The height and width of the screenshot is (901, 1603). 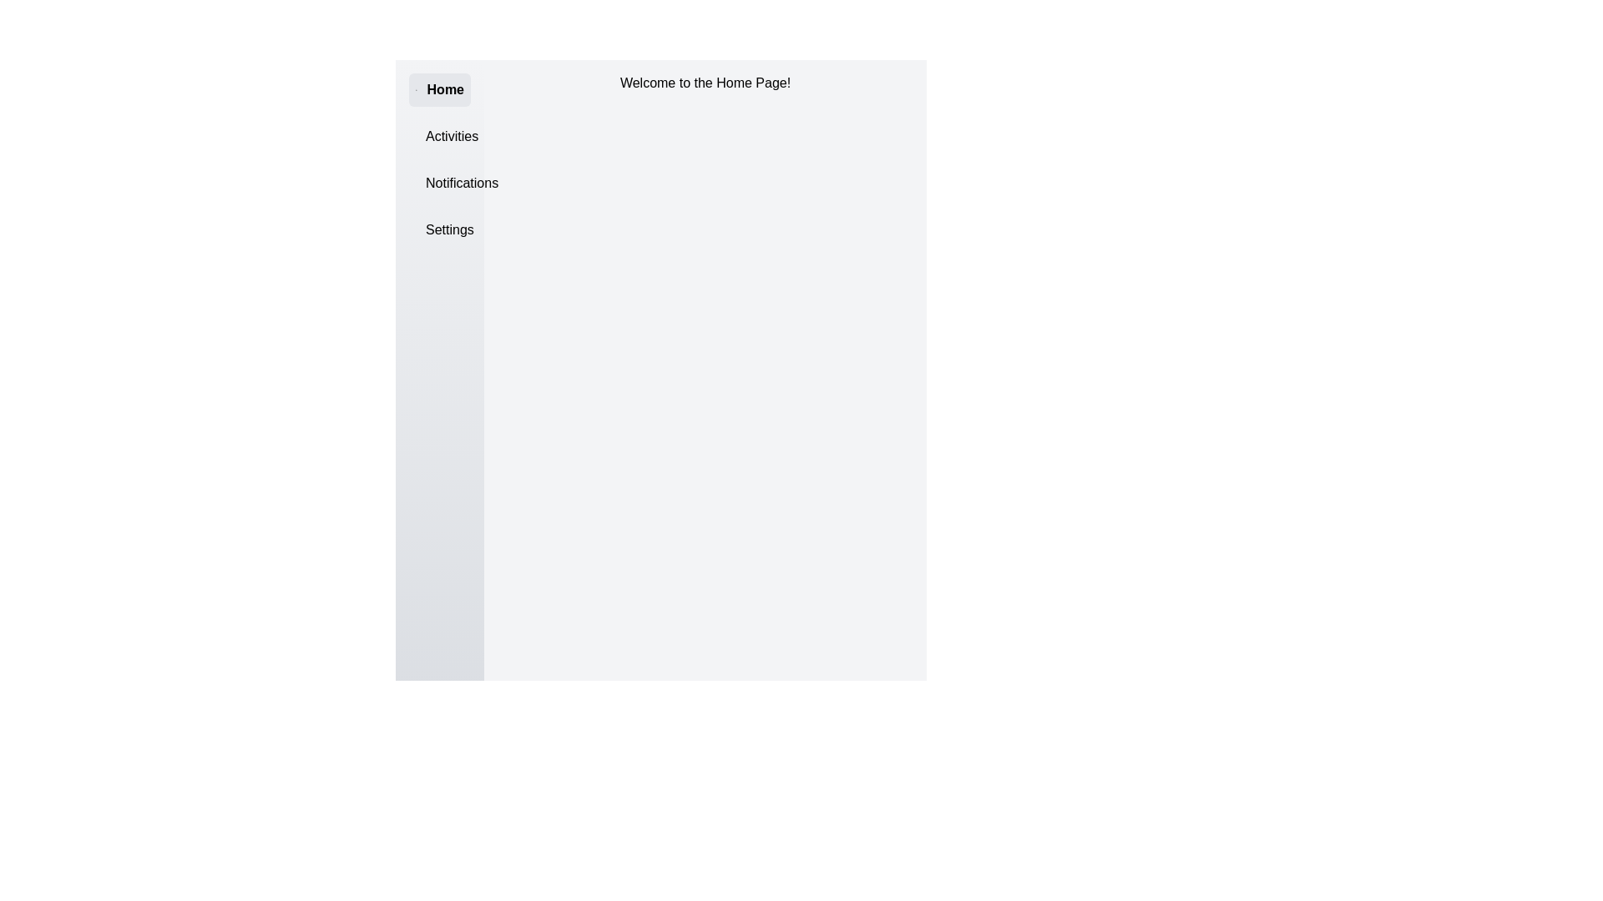 What do you see at coordinates (440, 90) in the screenshot?
I see `the navigation button located at the top of the vertical menu` at bounding box center [440, 90].